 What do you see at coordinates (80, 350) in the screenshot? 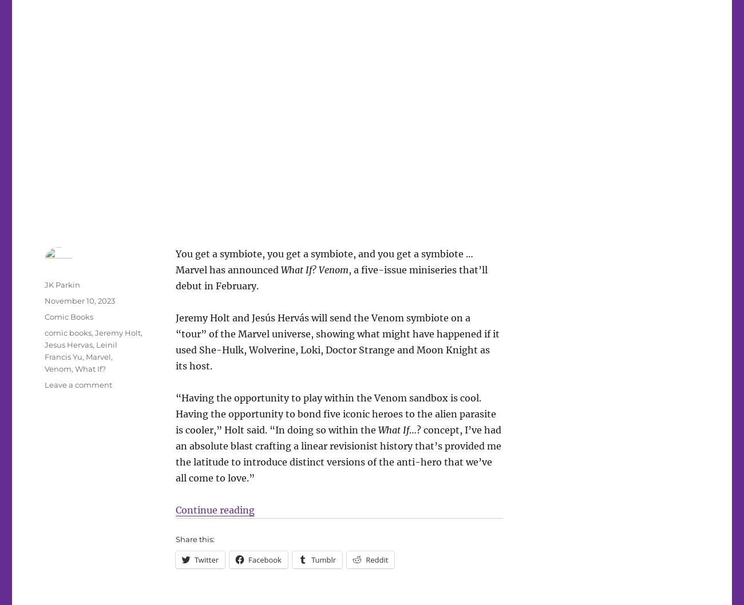
I see `'Leinil Francis Yu'` at bounding box center [80, 350].